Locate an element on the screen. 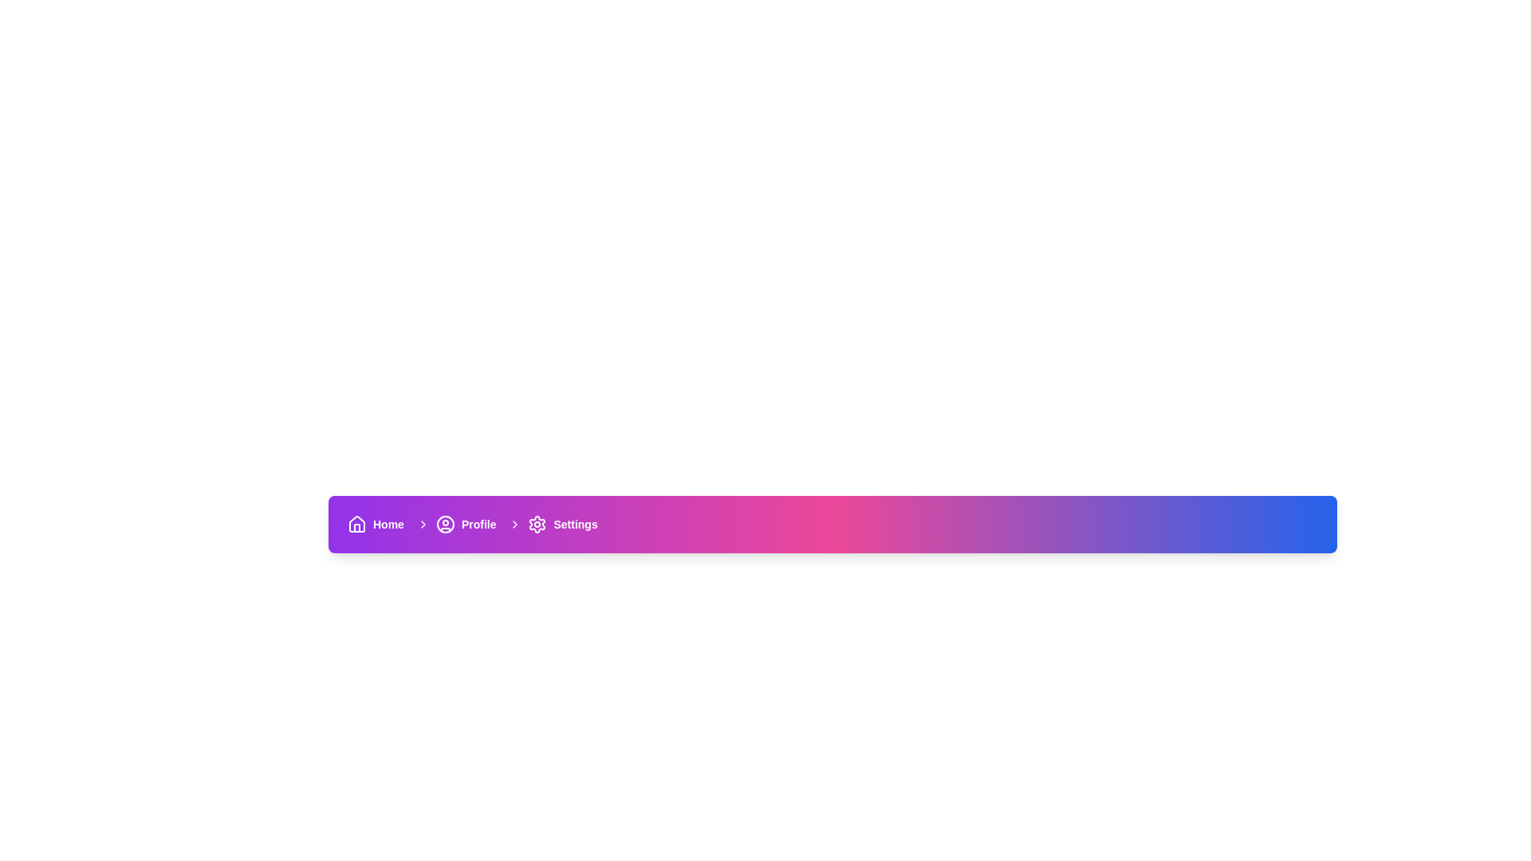 Image resolution: width=1531 pixels, height=861 pixels. the 'Profile' navigation button, which is the second item in the horizontal navigation bar is located at coordinates (455, 525).